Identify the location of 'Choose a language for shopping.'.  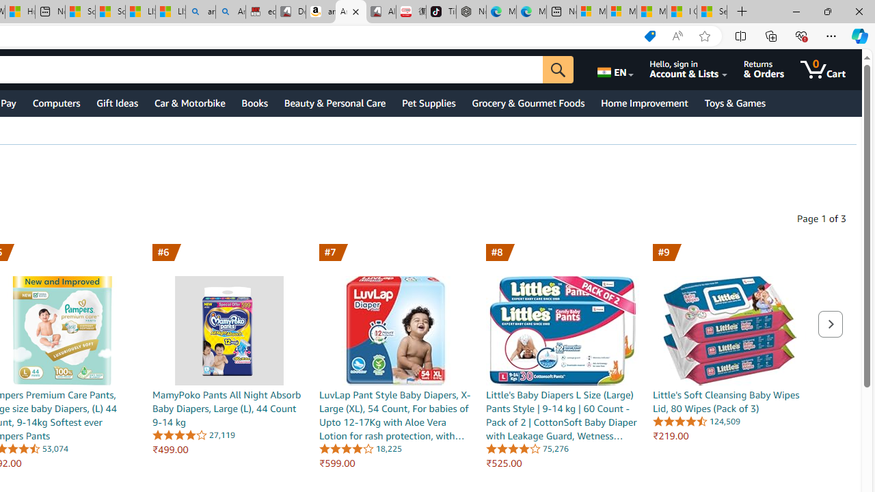
(613, 69).